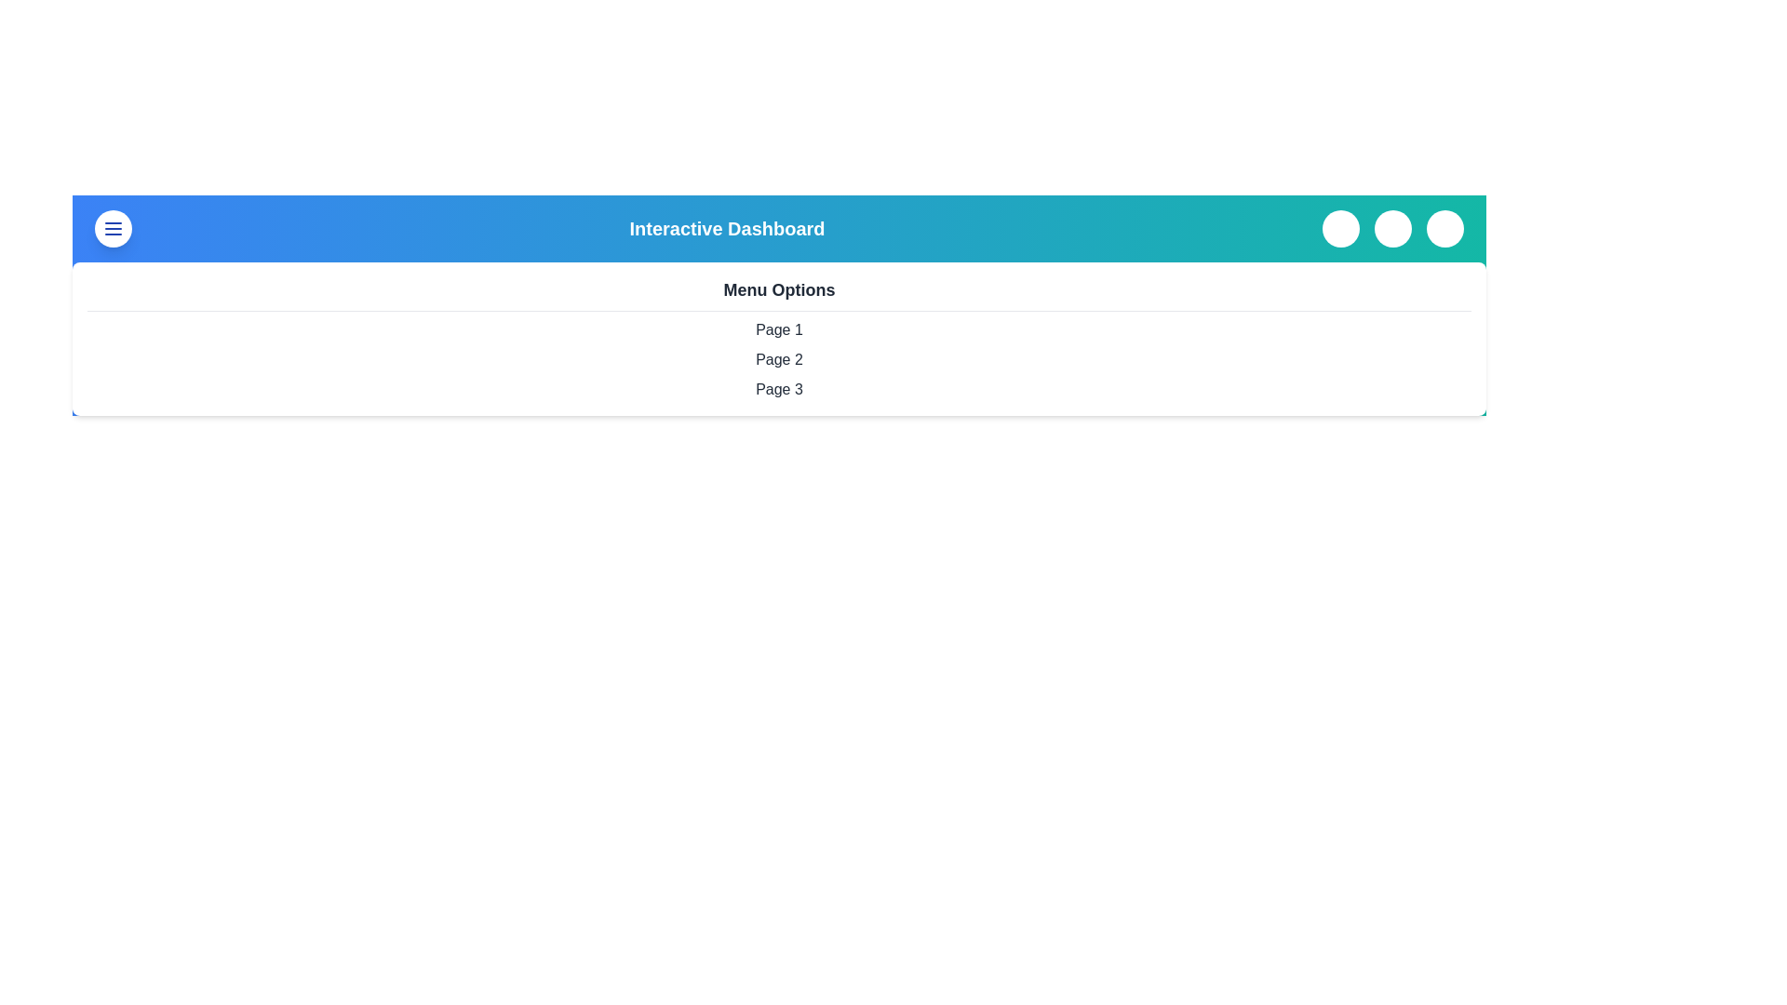  What do you see at coordinates (779, 359) in the screenshot?
I see `the menu option Page 2 to navigate to the corresponding page` at bounding box center [779, 359].